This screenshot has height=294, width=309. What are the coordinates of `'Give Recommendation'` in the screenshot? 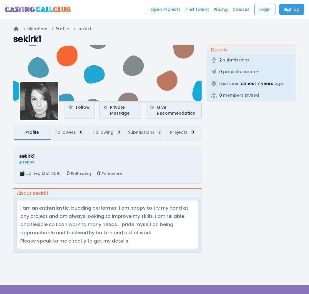 It's located at (176, 110).